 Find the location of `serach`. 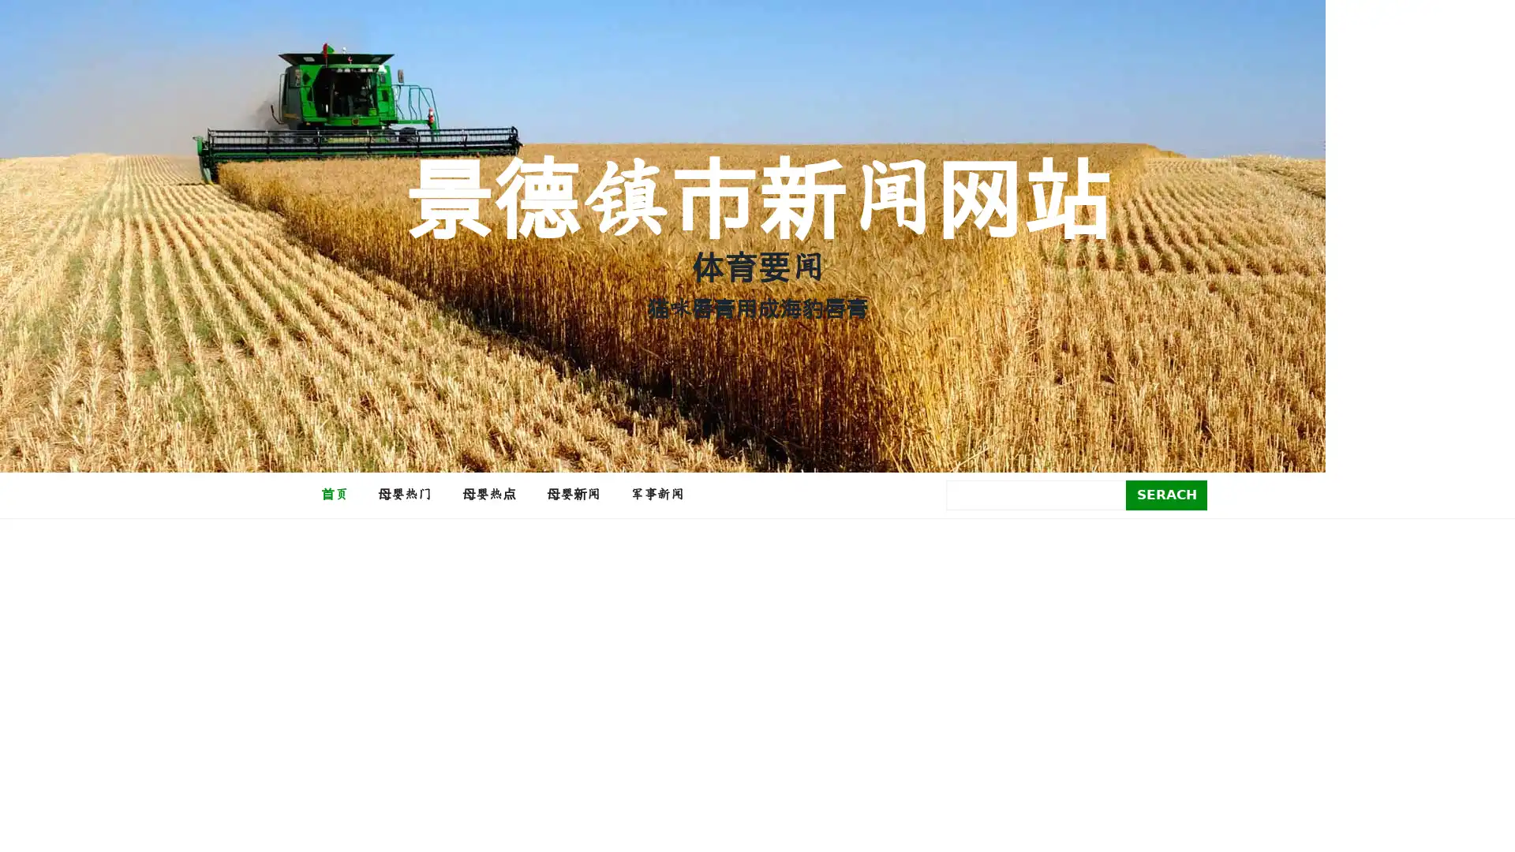

serach is located at coordinates (1166, 494).